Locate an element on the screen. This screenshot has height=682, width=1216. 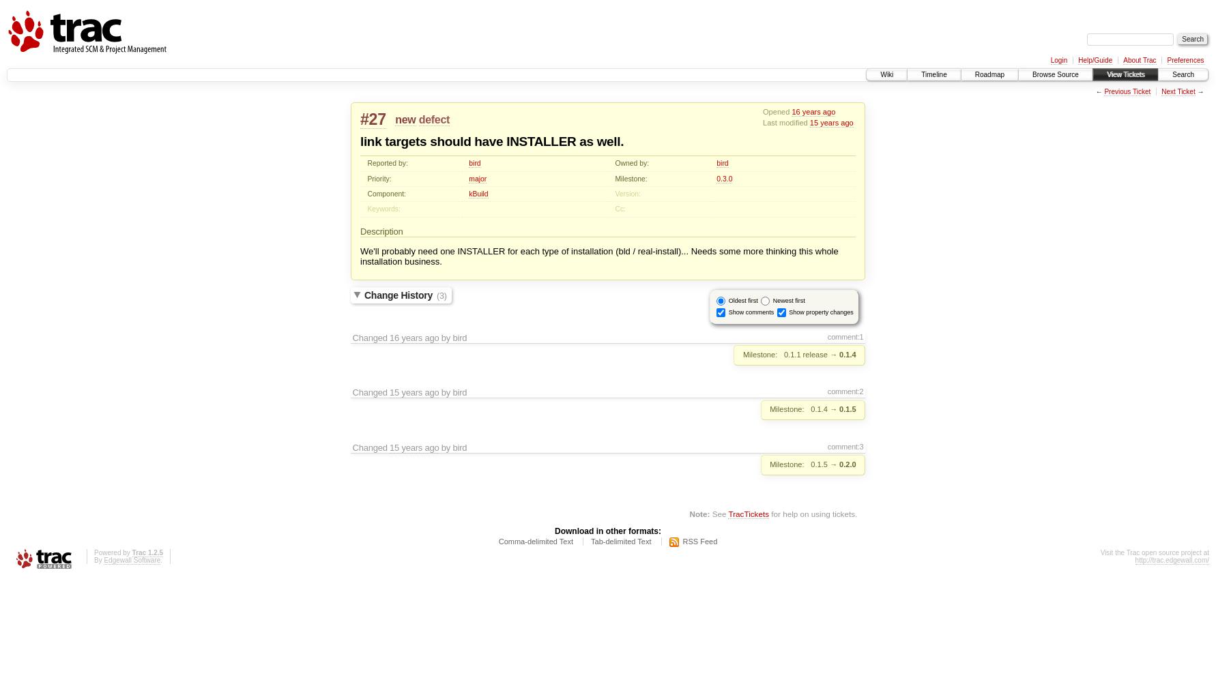
'#27' is located at coordinates (373, 119).